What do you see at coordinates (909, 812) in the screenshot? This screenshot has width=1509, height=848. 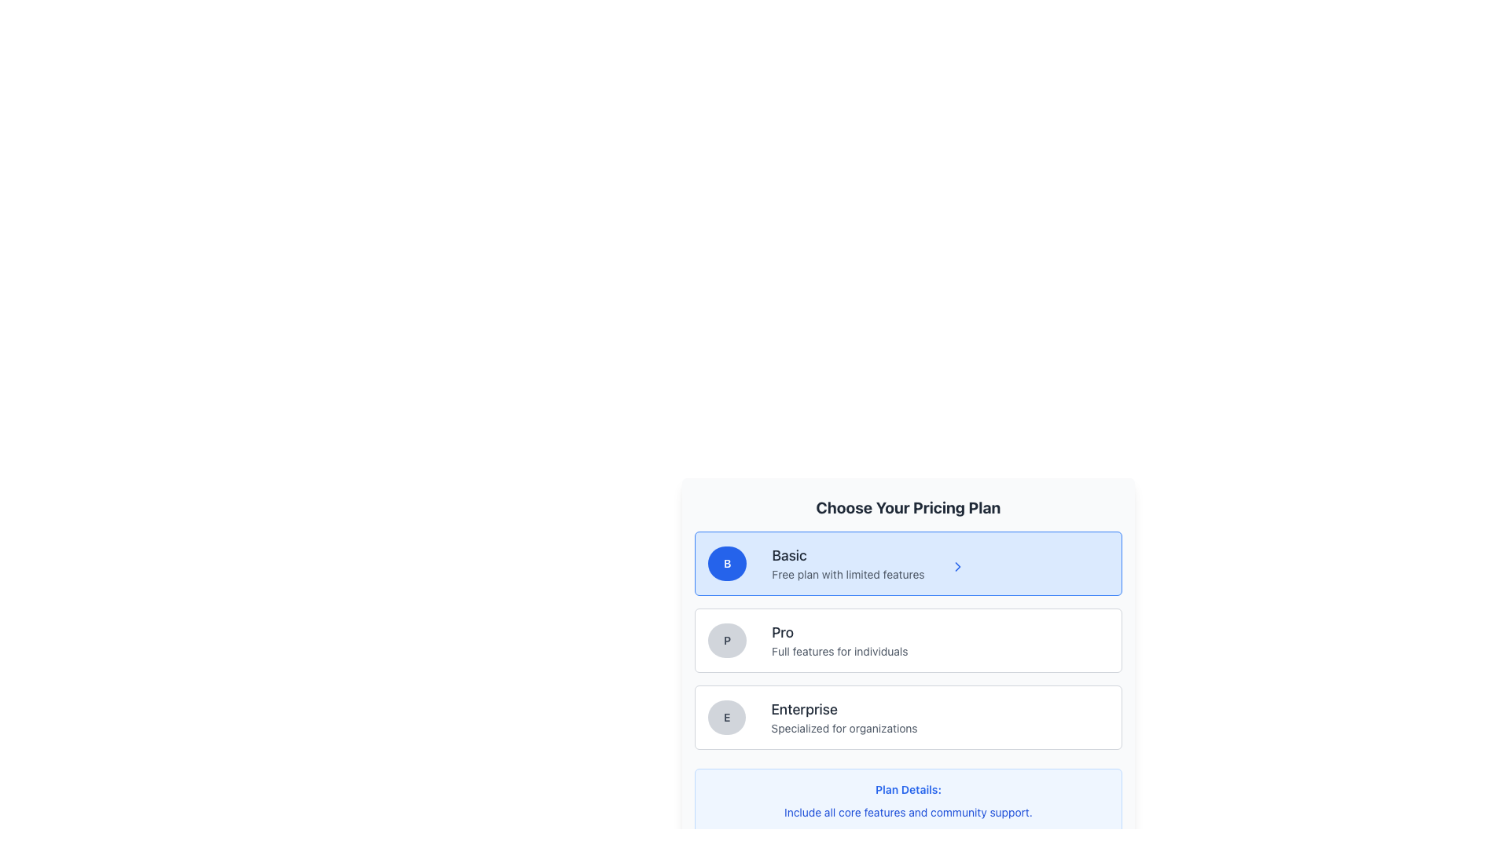 I see `the static text label that provides informative details about the features included in the pricing plan, located directly below the headline 'Plan Details:' in the pricing interface` at bounding box center [909, 812].